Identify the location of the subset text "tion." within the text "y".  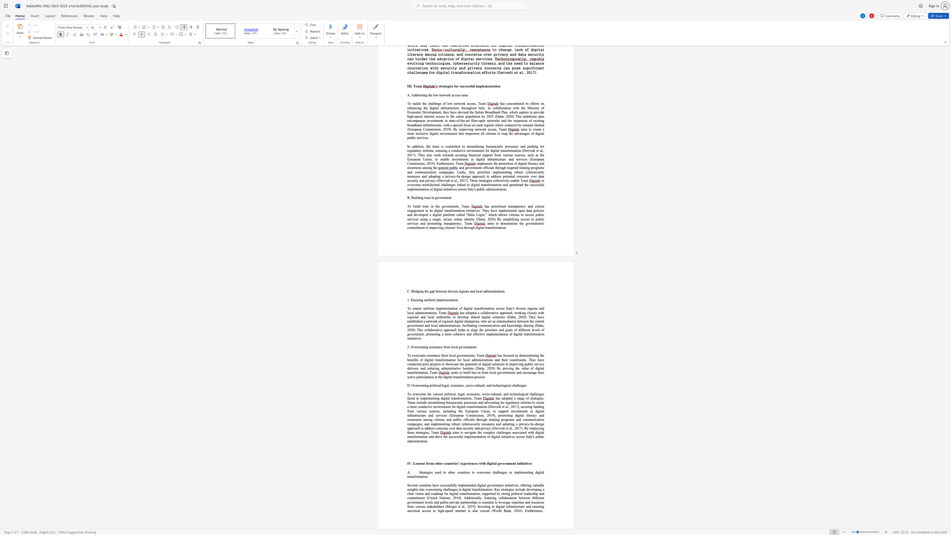
(421, 441).